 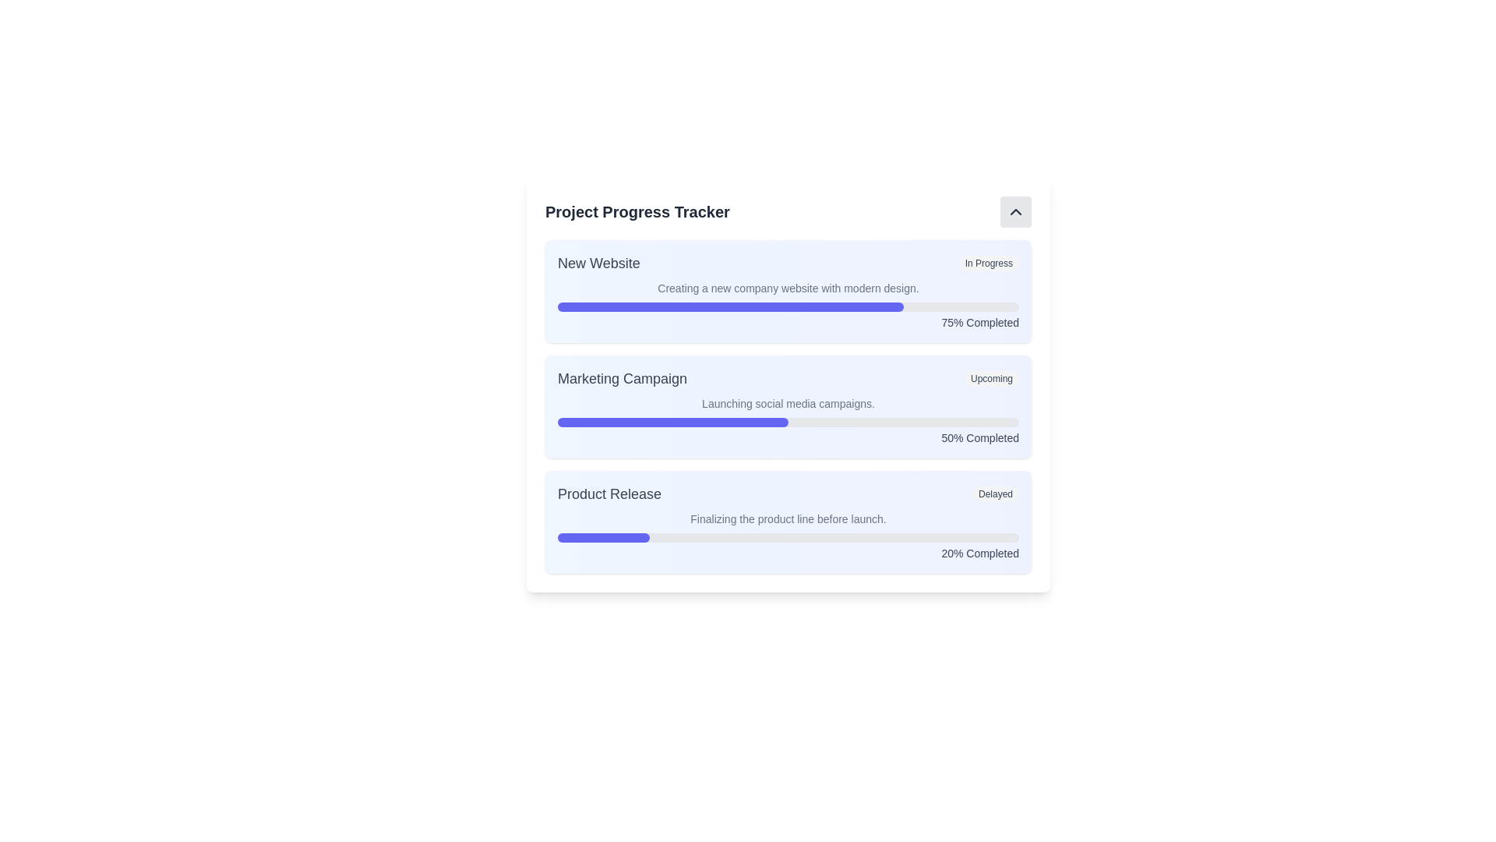 I want to click on the plain text label stating 'Creating a new company website with modern design.', which is a secondary description for the 'New Website' task, positioned beneath the 'New Website In Progress' header, so click(x=789, y=288).